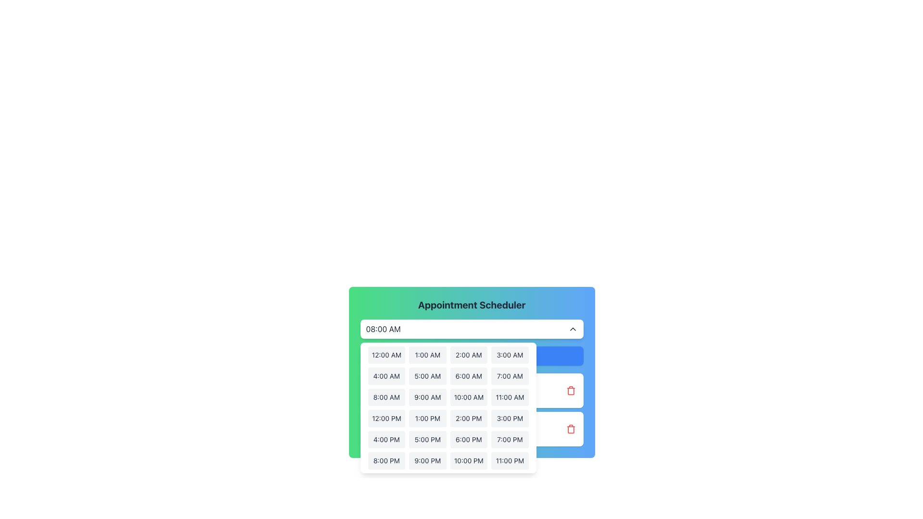 Image resolution: width=923 pixels, height=519 pixels. Describe the element at coordinates (509, 439) in the screenshot. I see `the button representing the selectable time option '7:00 PM' in the scheduling interface` at that location.